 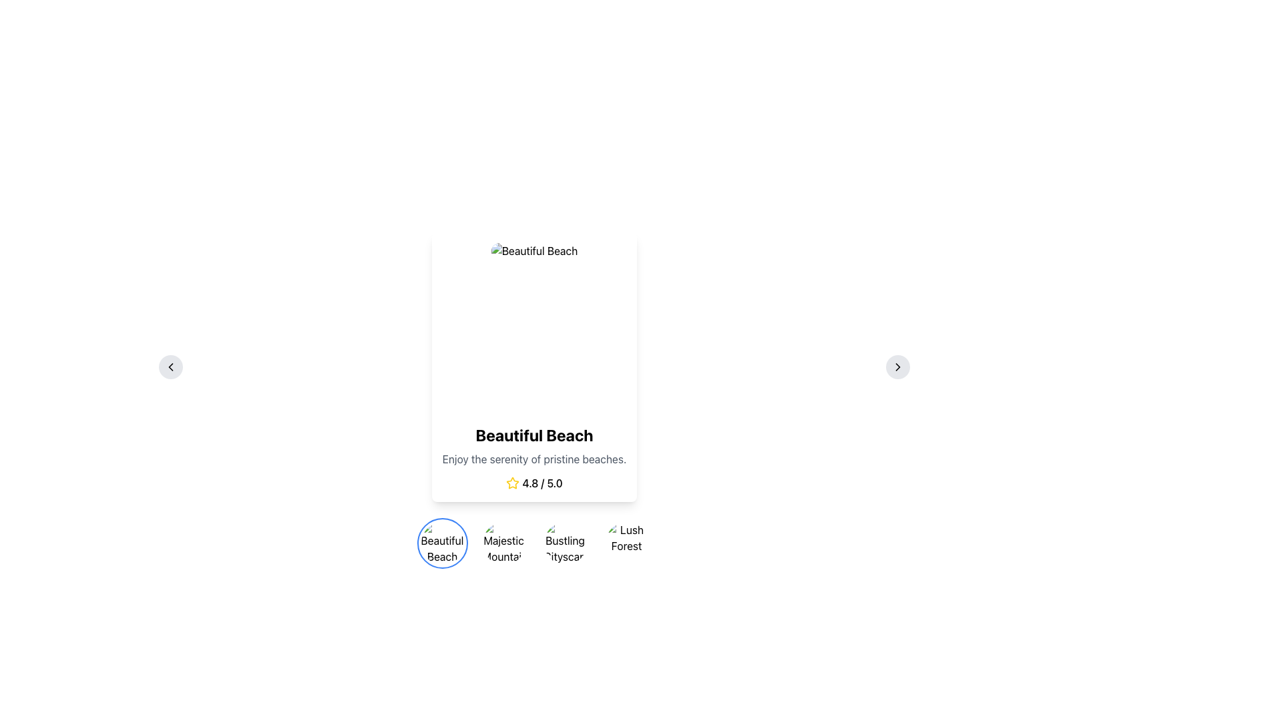 What do you see at coordinates (442, 543) in the screenshot?
I see `the 'Beautiful Beach' thumbnail element` at bounding box center [442, 543].